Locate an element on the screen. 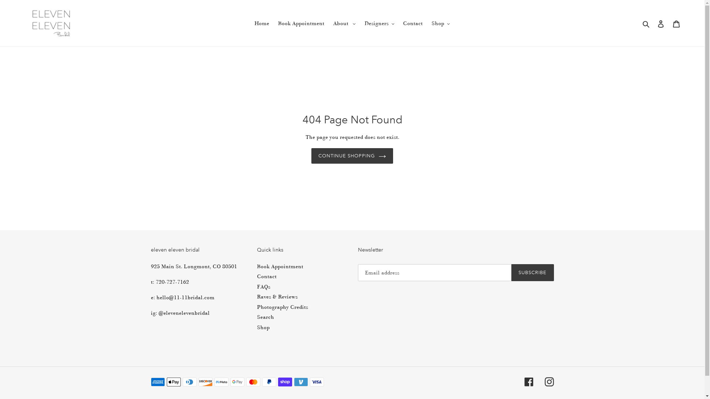 The image size is (710, 399). 'Book Appointment' is located at coordinates (280, 266).